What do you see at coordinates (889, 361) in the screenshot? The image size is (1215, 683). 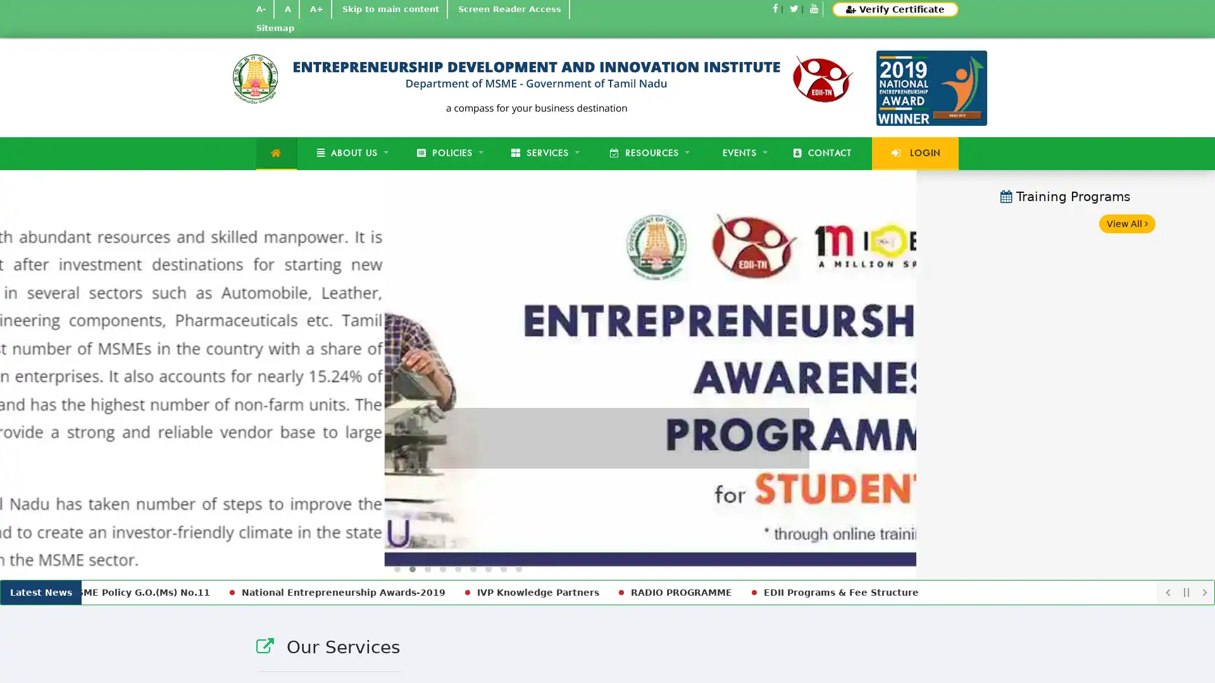 I see `Next` at bounding box center [889, 361].